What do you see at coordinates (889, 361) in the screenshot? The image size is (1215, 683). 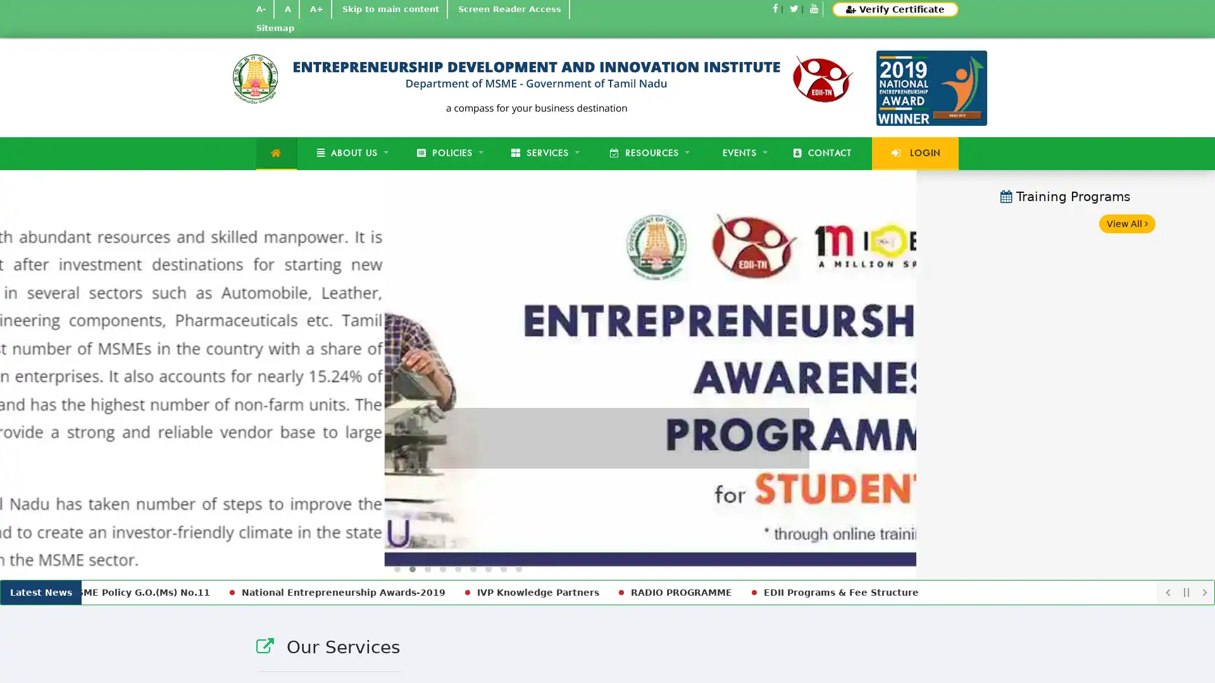 I see `Next` at bounding box center [889, 361].